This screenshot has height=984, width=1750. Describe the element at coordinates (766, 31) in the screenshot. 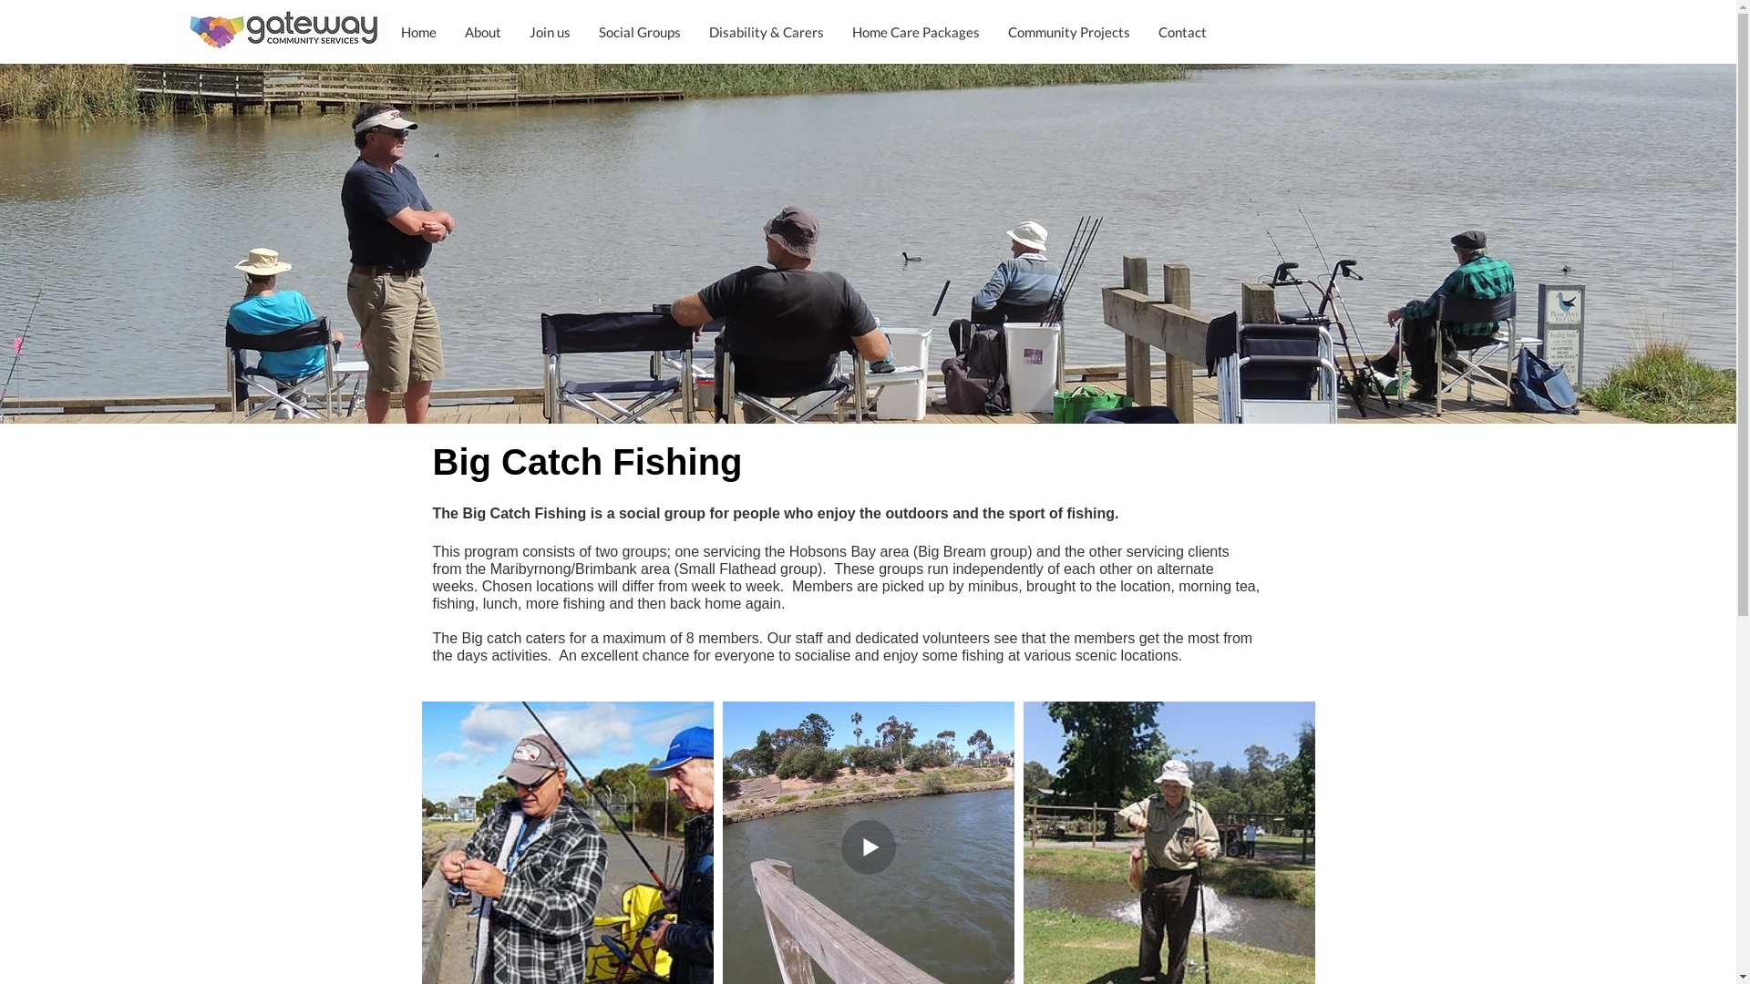

I see `'Disability & Carers'` at that location.